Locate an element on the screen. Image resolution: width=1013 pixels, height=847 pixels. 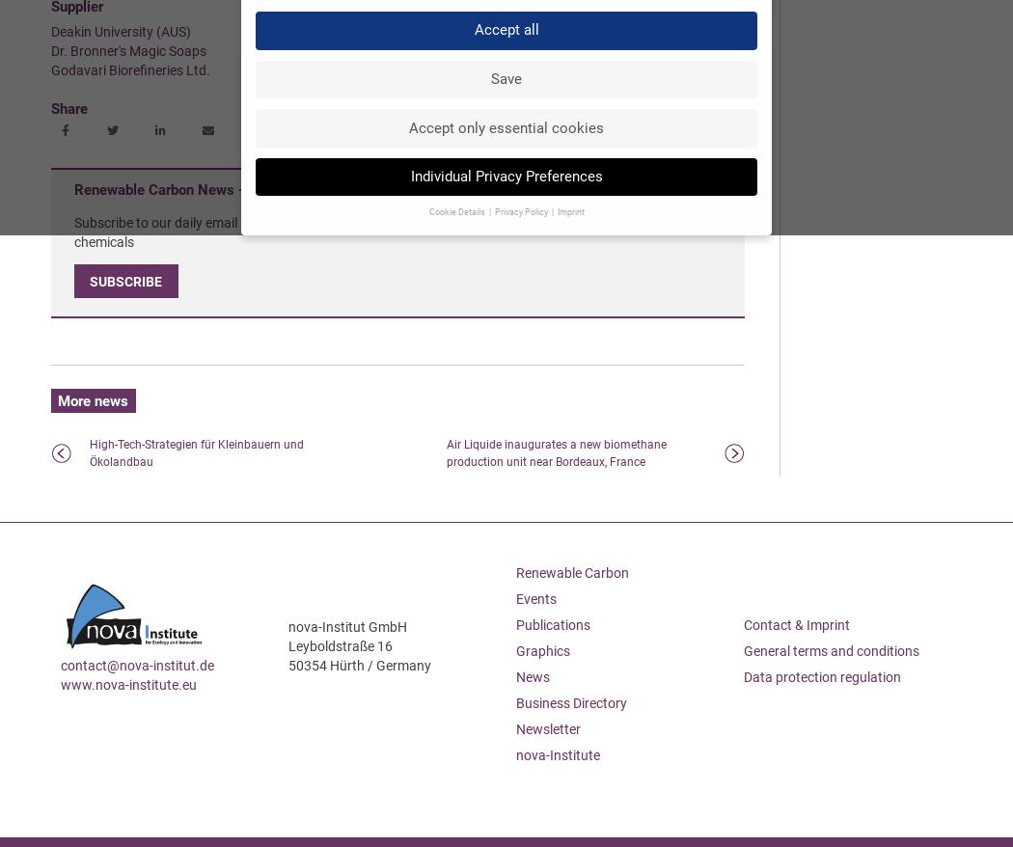
'50354 Hürth / Germany' is located at coordinates (286, 666).